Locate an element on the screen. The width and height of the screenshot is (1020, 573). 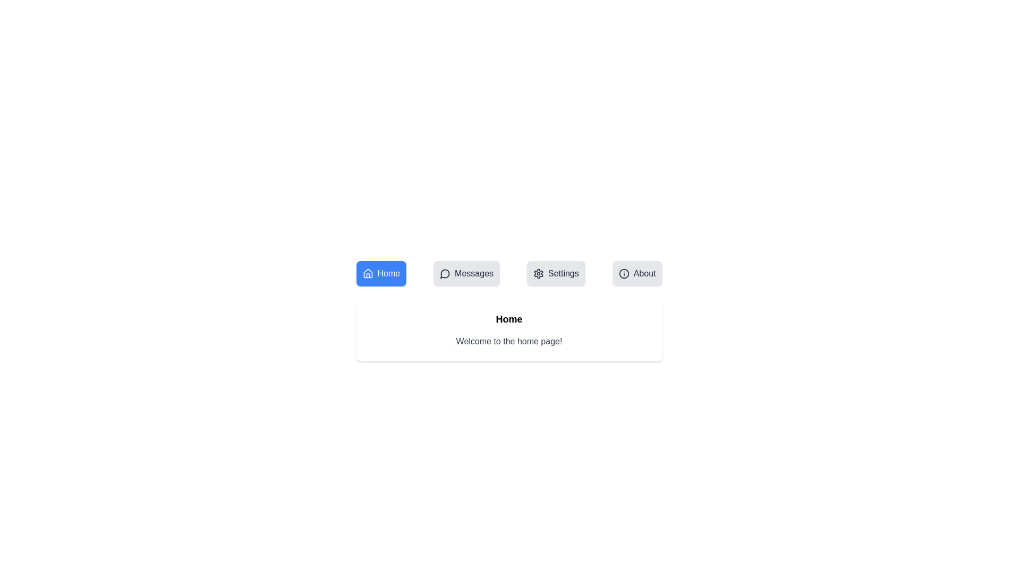
the Messages tab is located at coordinates (466, 273).